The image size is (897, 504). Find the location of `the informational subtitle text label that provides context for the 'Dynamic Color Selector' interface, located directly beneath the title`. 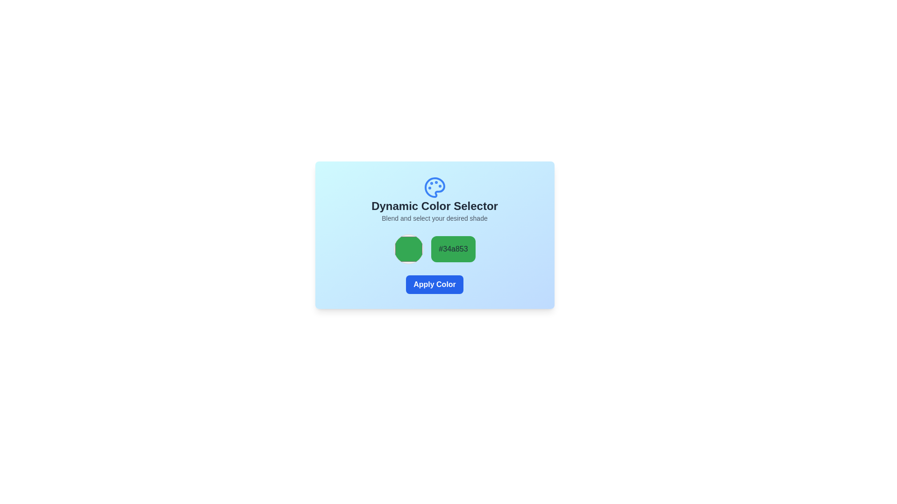

the informational subtitle text label that provides context for the 'Dynamic Color Selector' interface, located directly beneath the title is located at coordinates (434, 218).